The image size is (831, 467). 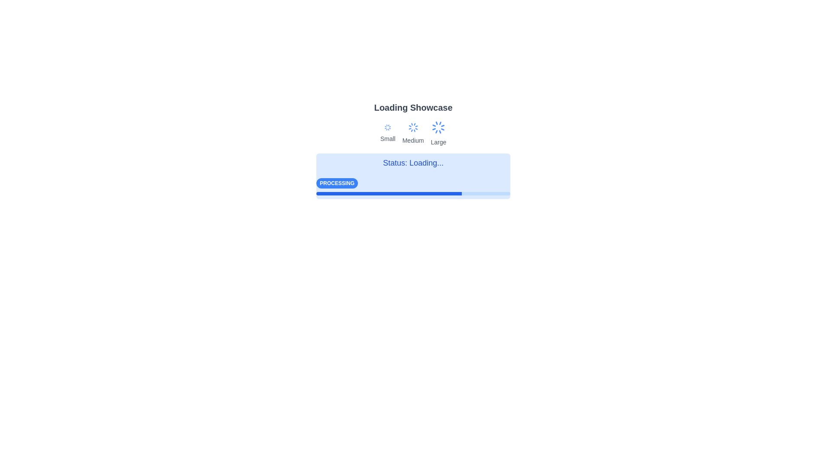 I want to click on the blue circular loading spinner icon positioned above the 'Small' text, which is the leftmost among three loader icons labeled Small, Medium, and Large, so click(x=387, y=127).